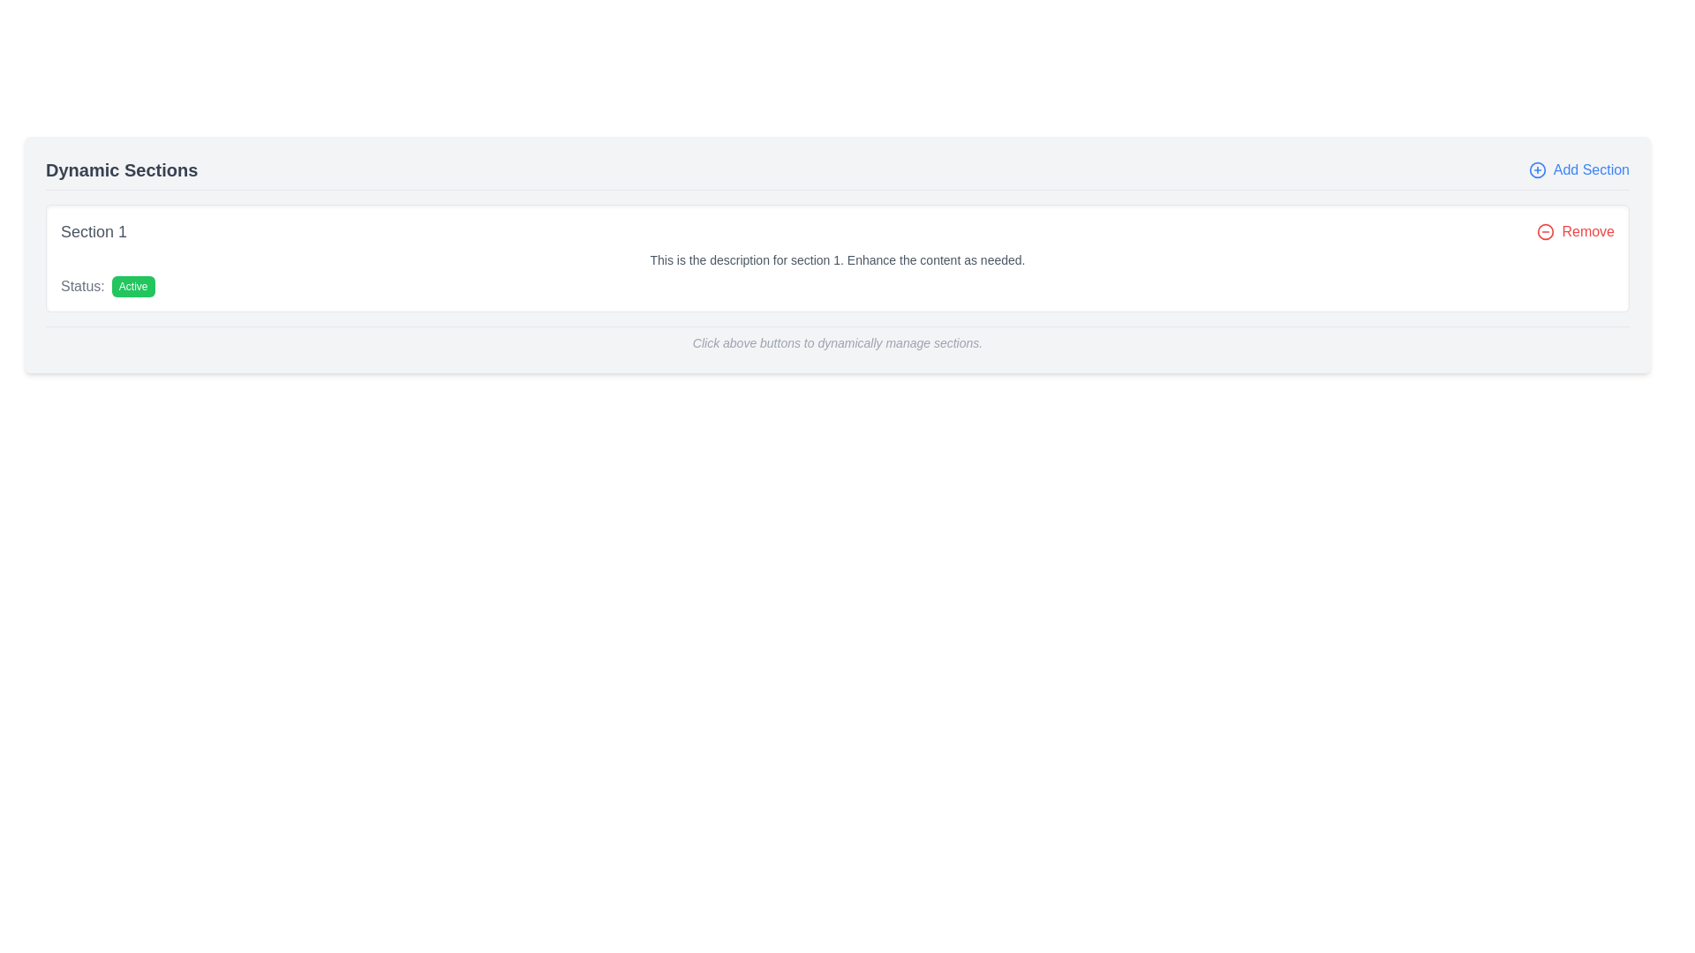  I want to click on the delete icon located in the top-right corner of the rectangular box labeled 'Section 1', which is part of the 'Dynamic Sections' interface, so click(1545, 230).